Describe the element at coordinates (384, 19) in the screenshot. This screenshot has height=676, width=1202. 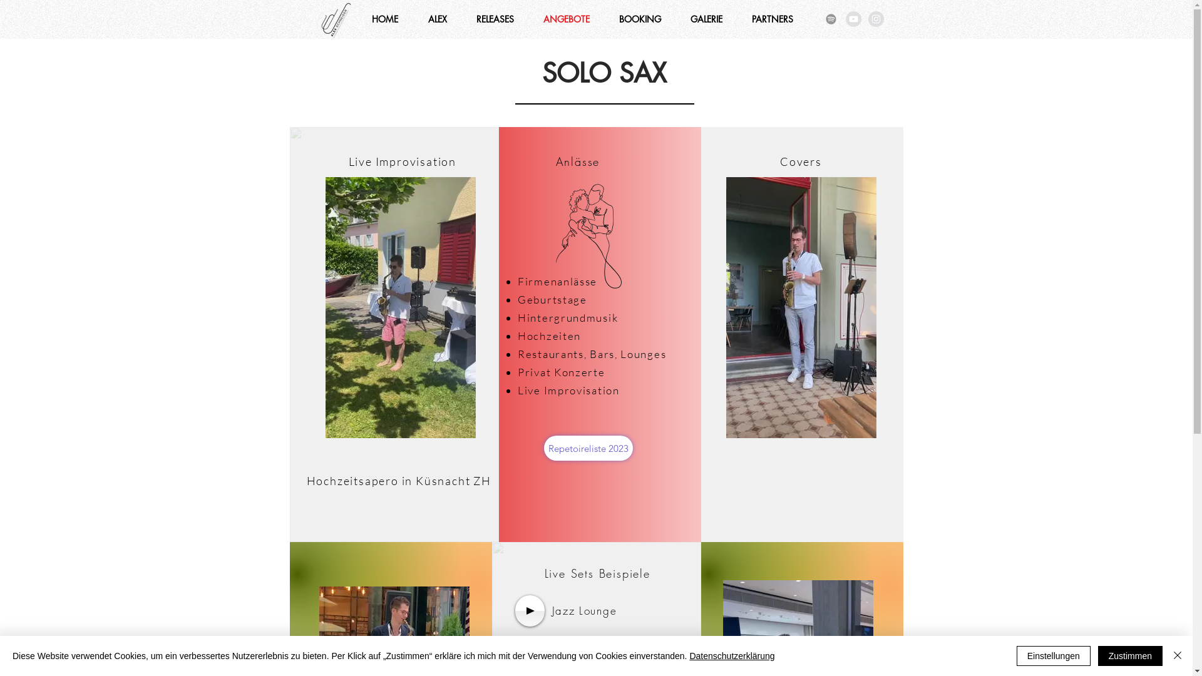
I see `'HOME'` at that location.